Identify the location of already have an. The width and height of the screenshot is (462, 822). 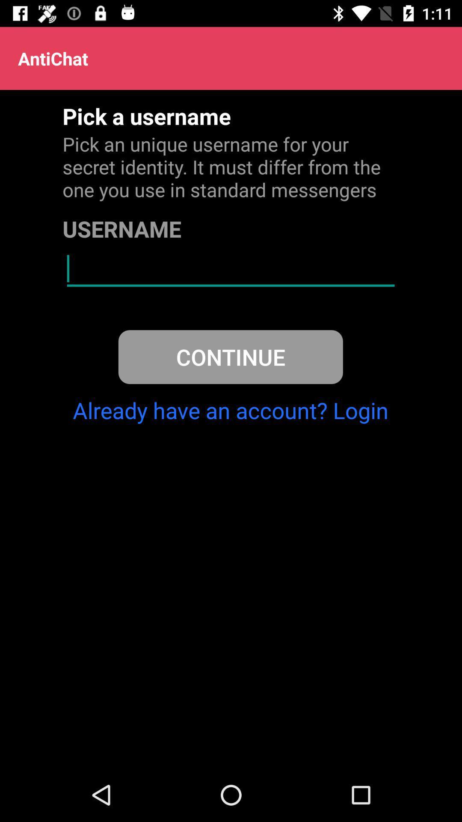
(230, 410).